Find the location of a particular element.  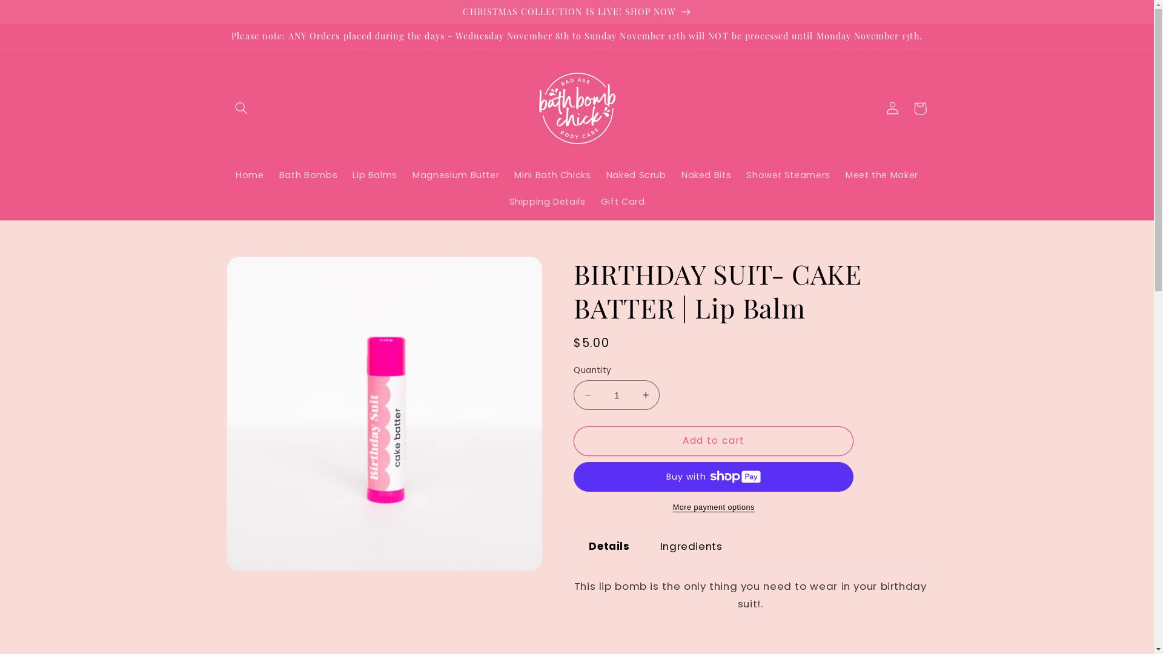

'Details' is located at coordinates (609, 546).